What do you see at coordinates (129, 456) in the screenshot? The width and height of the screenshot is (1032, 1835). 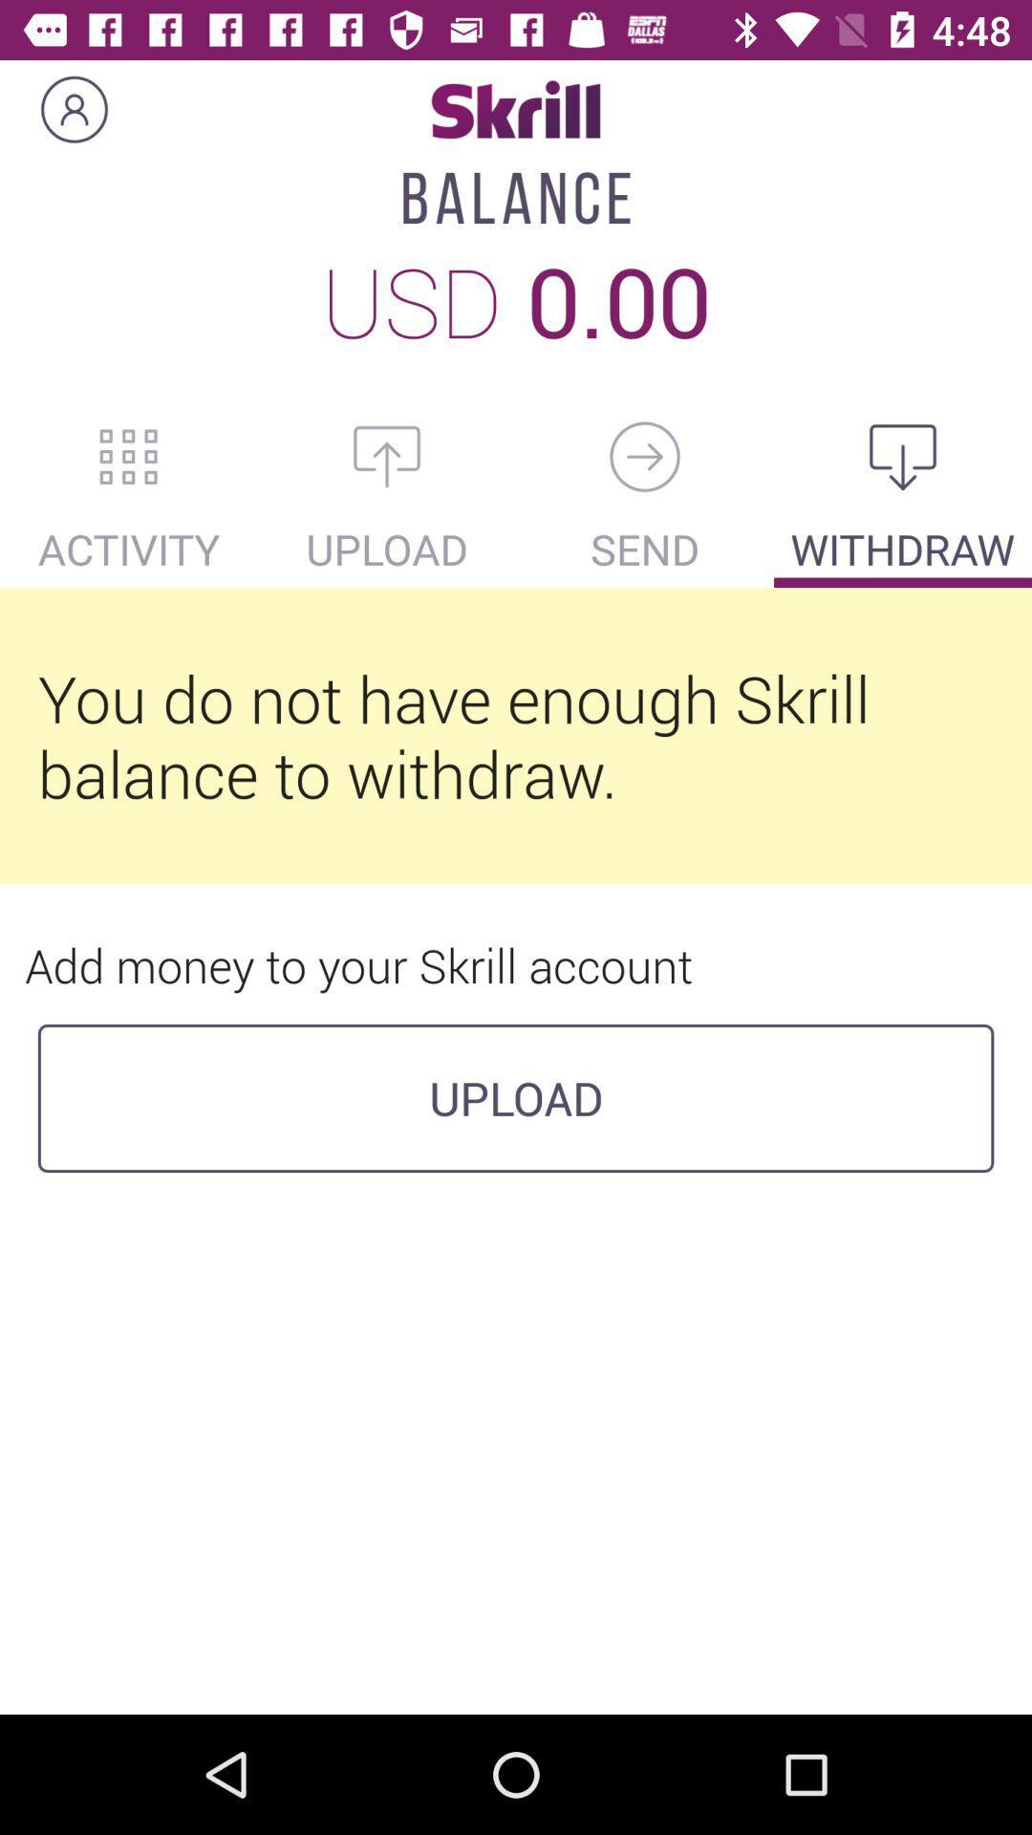 I see `activity` at bounding box center [129, 456].